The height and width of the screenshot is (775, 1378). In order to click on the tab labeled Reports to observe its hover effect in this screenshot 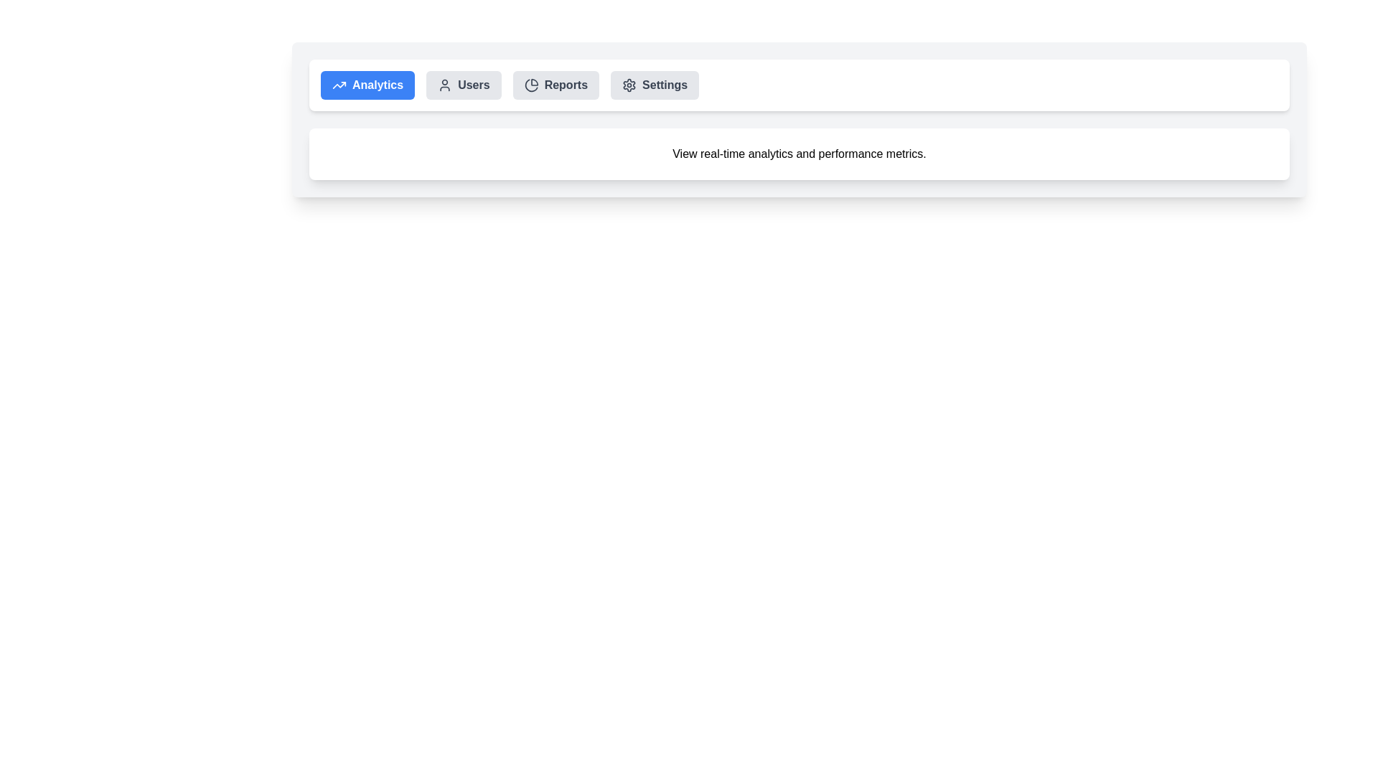, I will do `click(554, 85)`.